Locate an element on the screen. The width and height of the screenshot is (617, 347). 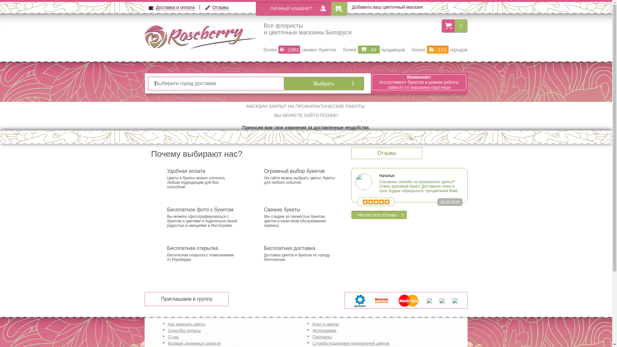
'0' is located at coordinates (461, 25).